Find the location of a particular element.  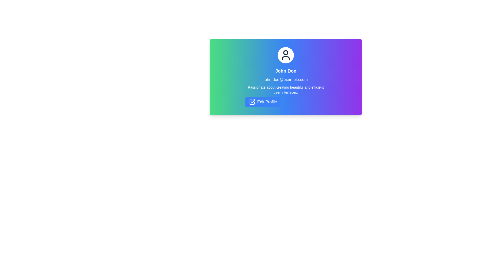

the editing icon associated with the 'Edit Profile' button located at the bottom center of the user information card is located at coordinates (252, 102).